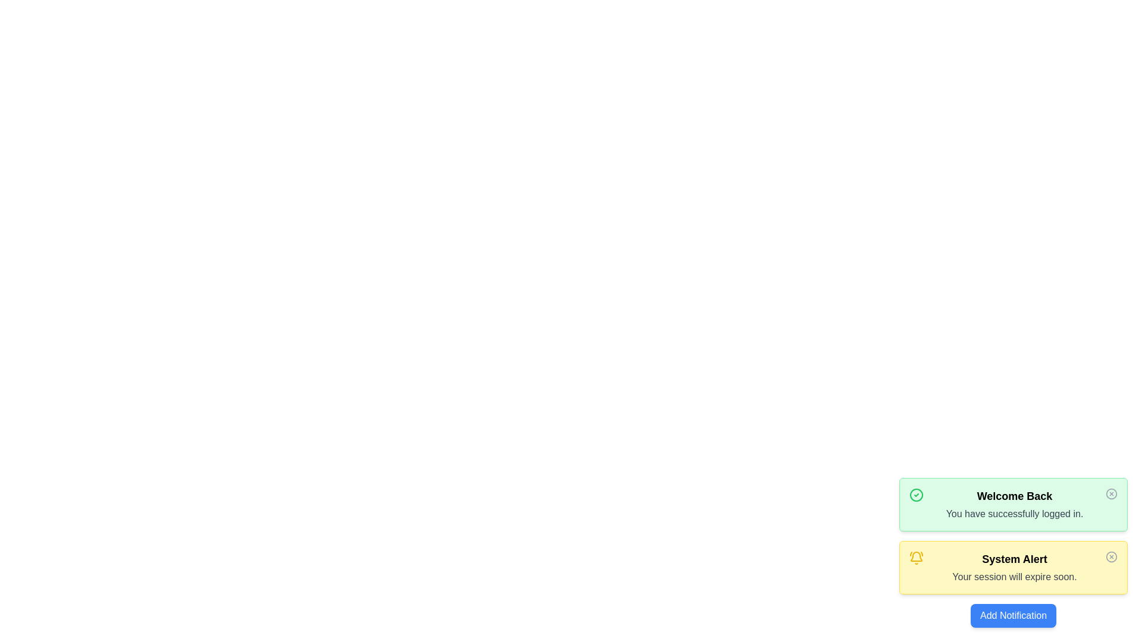 This screenshot has height=642, width=1142. I want to click on the blue rectangular button labeled 'Add Notification', so click(1013, 615).